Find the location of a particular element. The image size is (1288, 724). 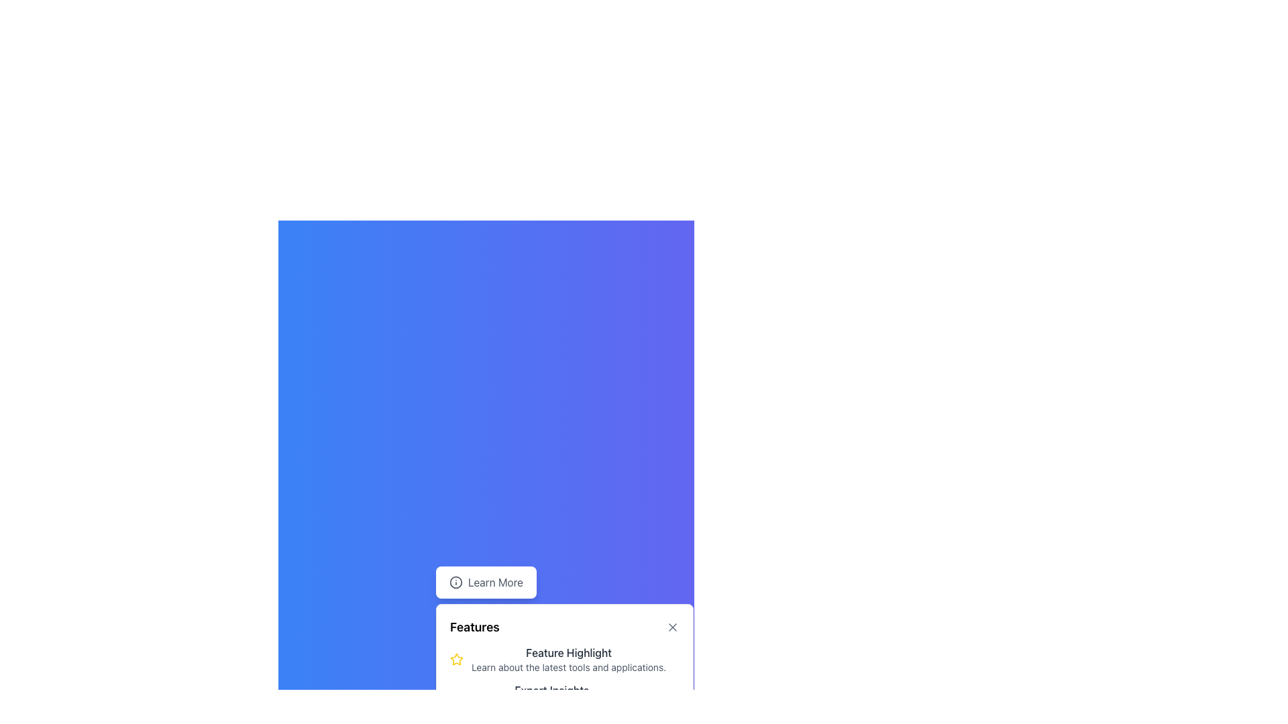

the bold text label reading 'Features' located in the top-left section of the popup, styled with a larger font size against a gradient blue background is located at coordinates (474, 627).